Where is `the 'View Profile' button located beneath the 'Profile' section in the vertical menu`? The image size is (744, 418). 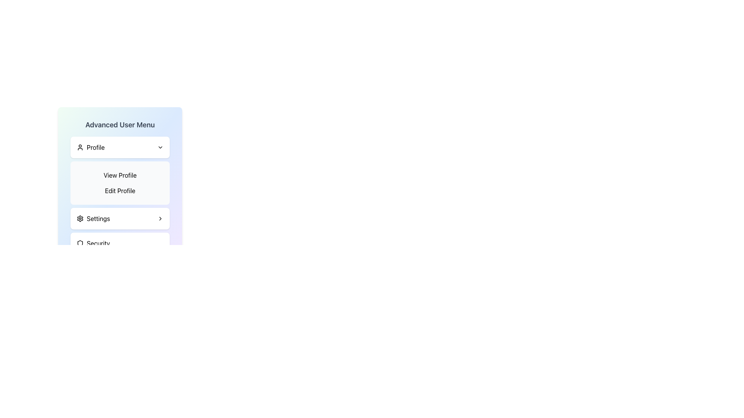 the 'View Profile' button located beneath the 'Profile' section in the vertical menu is located at coordinates (120, 175).